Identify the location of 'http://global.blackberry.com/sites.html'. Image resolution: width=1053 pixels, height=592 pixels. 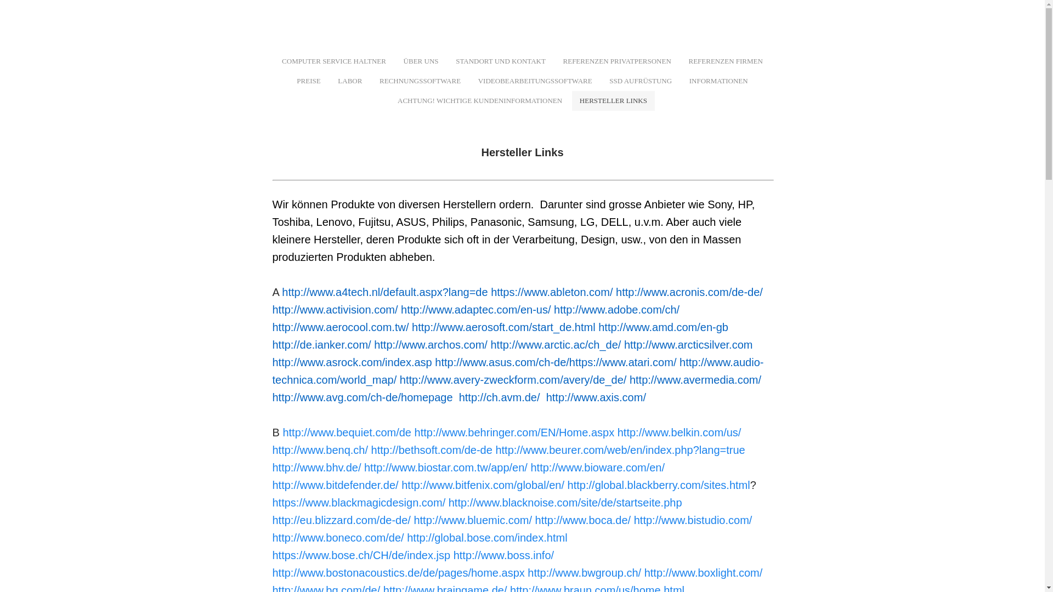
(658, 484).